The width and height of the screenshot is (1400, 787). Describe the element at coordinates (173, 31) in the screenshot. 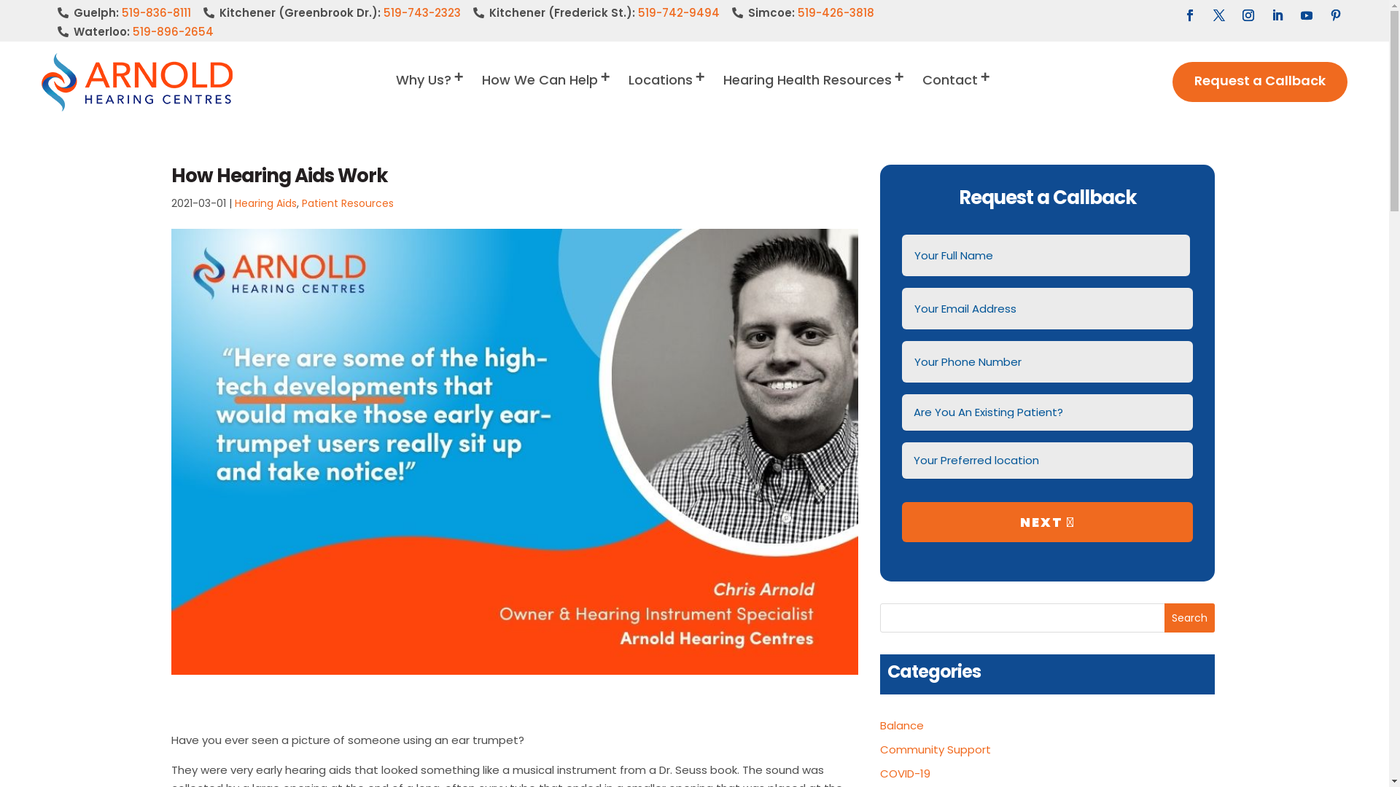

I see `'519-896-2654'` at that location.